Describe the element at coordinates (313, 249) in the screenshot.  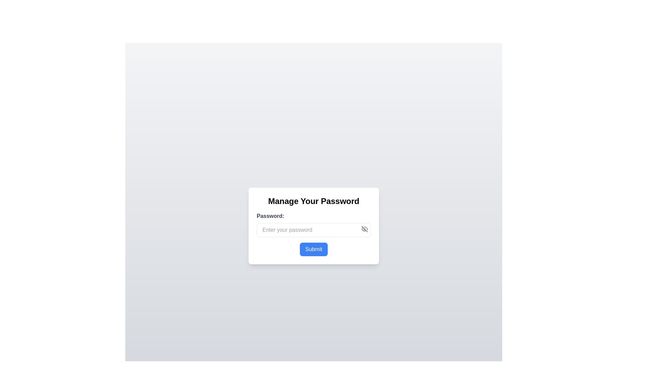
I see `the blue 'Submit' button with white text centered on it at the bottom of the card titled 'Manage Your Password'` at that location.